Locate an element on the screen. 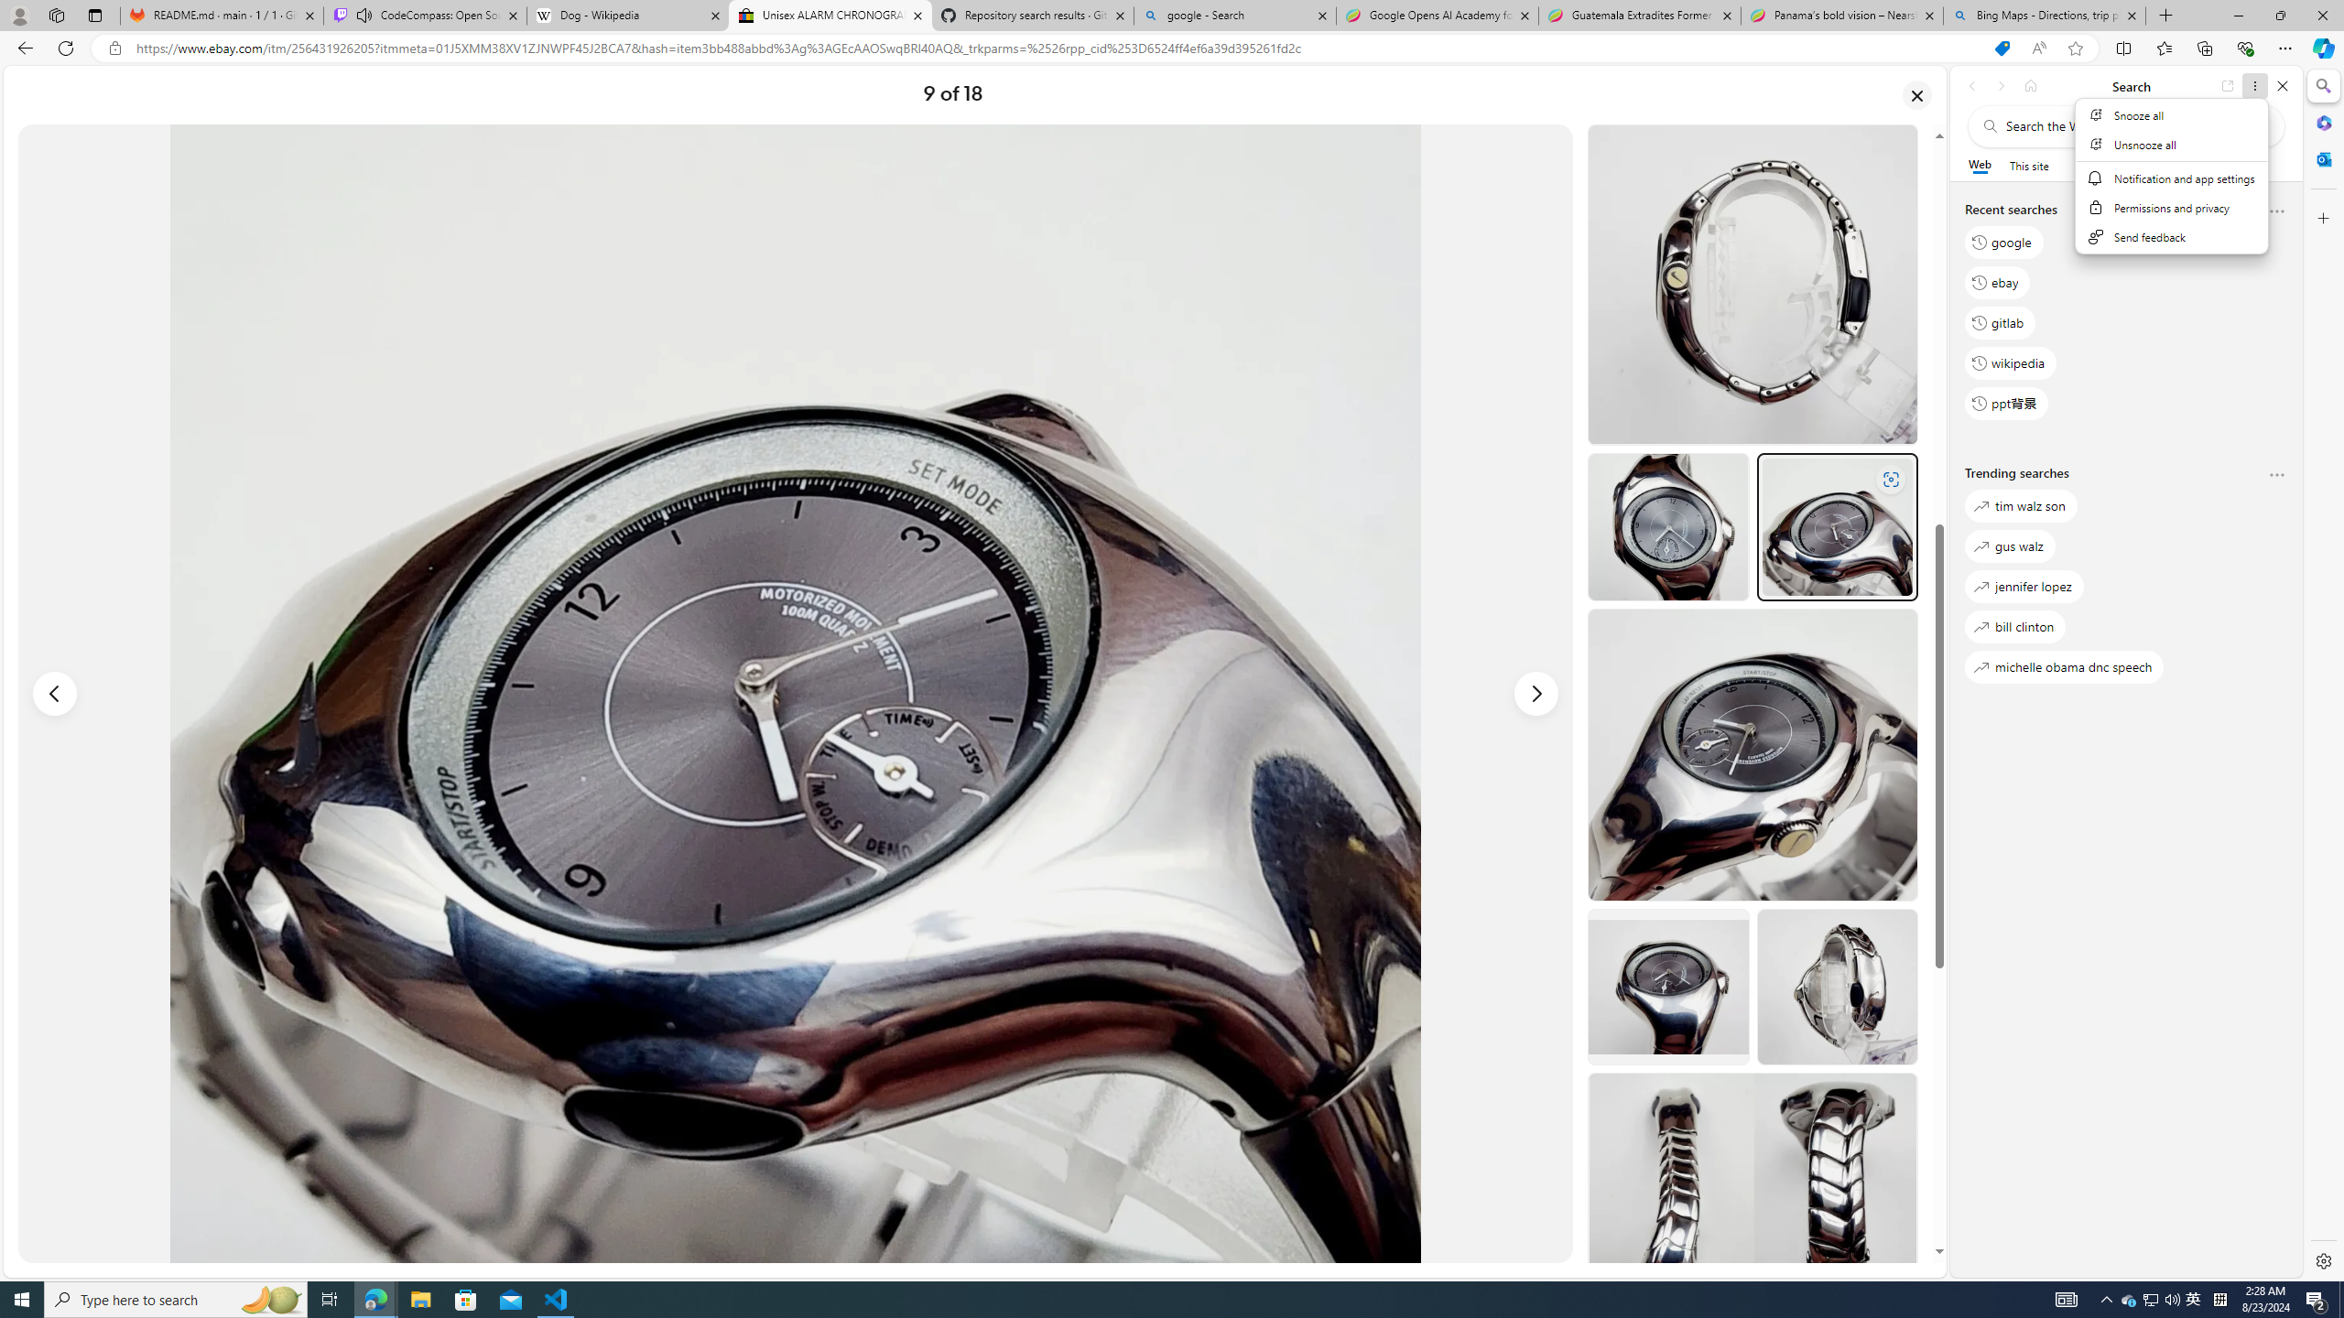  'Unsnooze all' is located at coordinates (2172, 144).